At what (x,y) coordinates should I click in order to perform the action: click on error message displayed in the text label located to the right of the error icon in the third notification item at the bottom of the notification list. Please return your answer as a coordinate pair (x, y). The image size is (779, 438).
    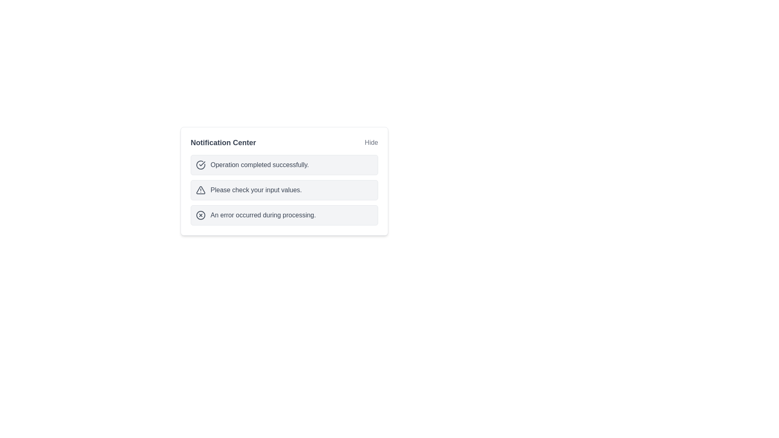
    Looking at the image, I should click on (263, 215).